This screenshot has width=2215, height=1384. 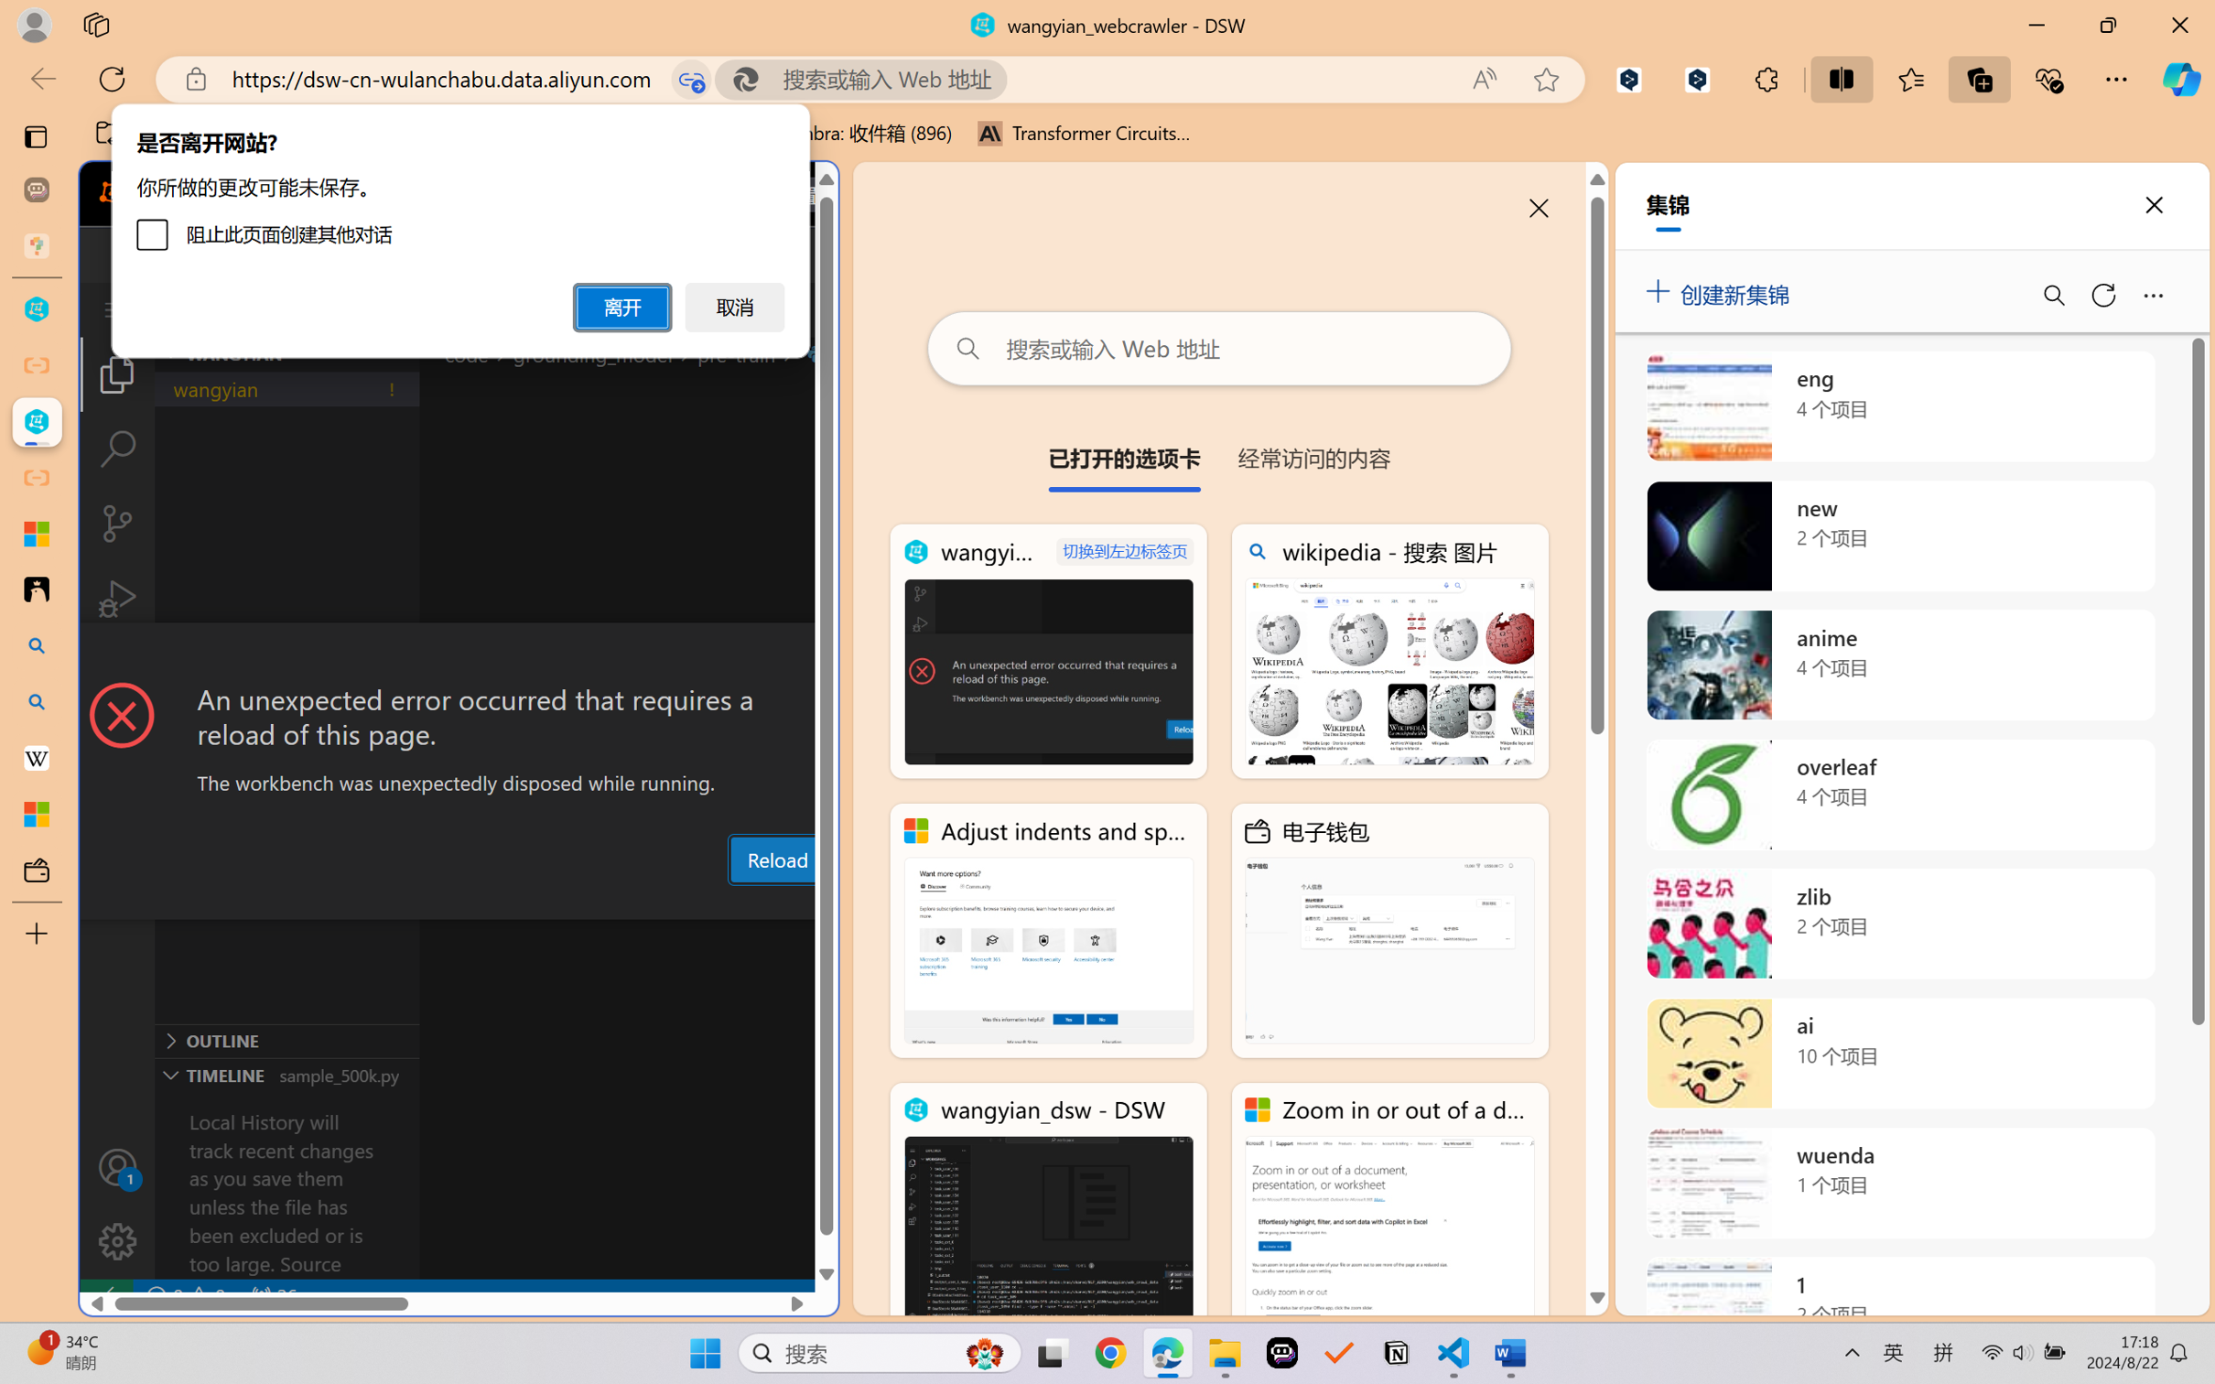 What do you see at coordinates (1048, 931) in the screenshot?
I see `'Adjust indents and spacing - Microsoft Support'` at bounding box center [1048, 931].